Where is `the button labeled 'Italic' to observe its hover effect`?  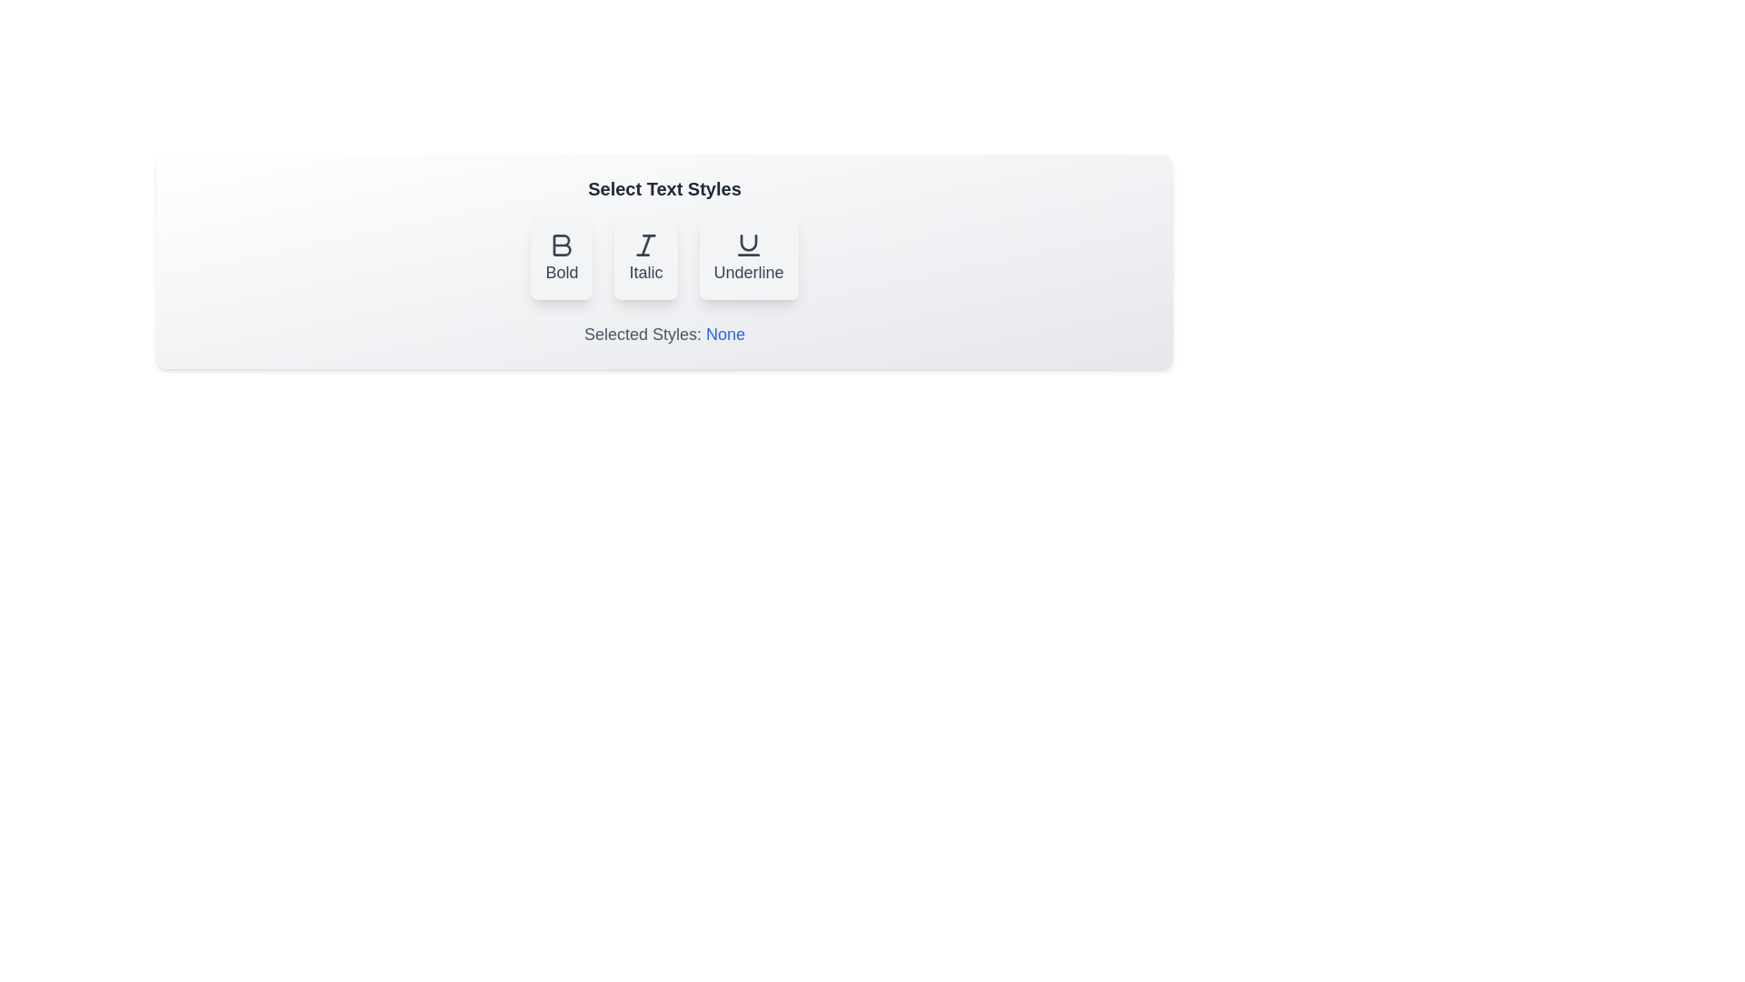
the button labeled 'Italic' to observe its hover effect is located at coordinates (645, 258).